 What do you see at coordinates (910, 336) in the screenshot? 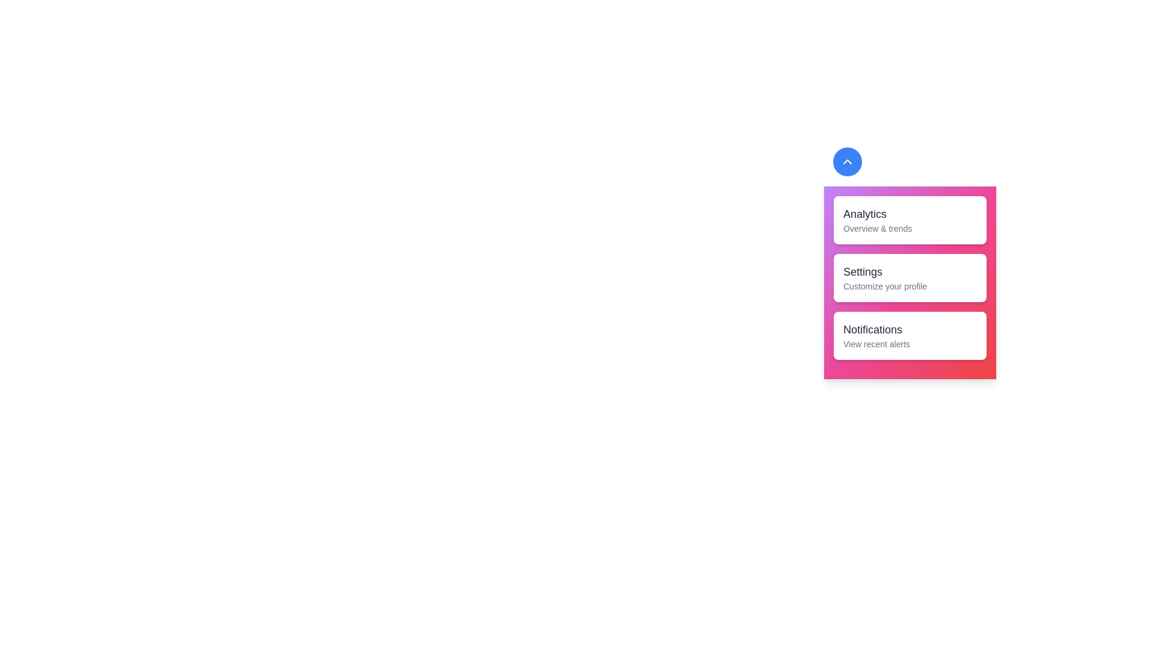
I see `the Notifications card in the drawer` at bounding box center [910, 336].